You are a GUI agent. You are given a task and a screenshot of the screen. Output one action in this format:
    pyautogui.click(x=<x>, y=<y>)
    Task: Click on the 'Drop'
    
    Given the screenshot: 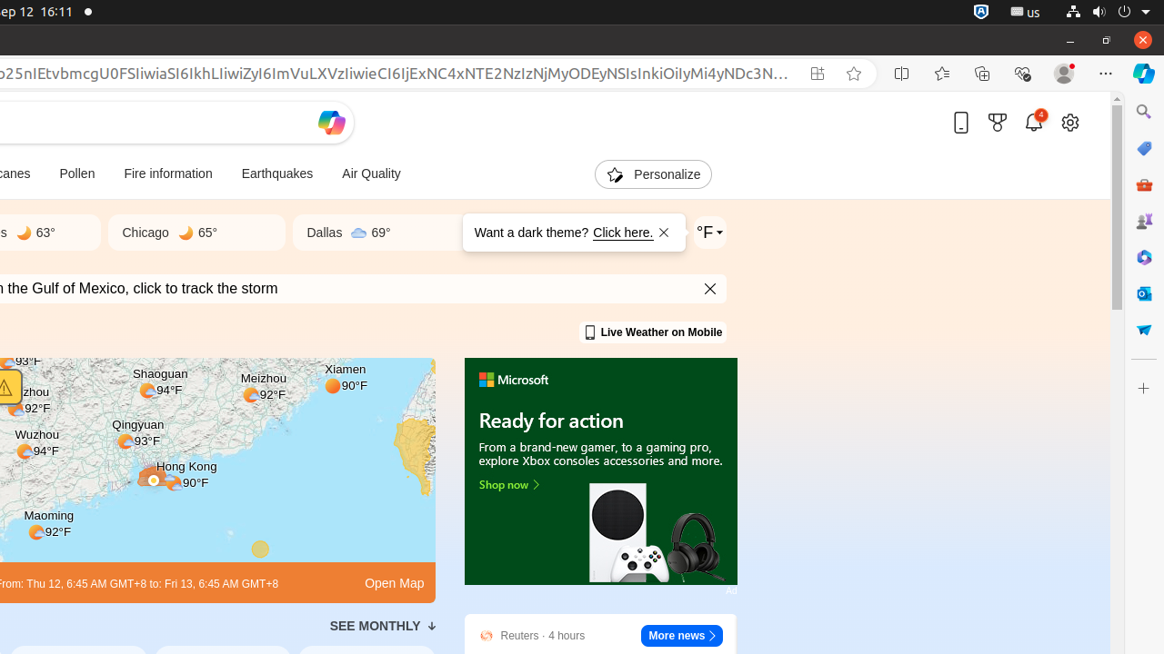 What is the action you would take?
    pyautogui.click(x=1142, y=330)
    